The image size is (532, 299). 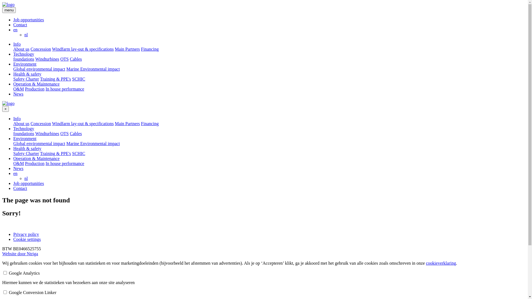 I want to click on 'cookieverklaring', so click(x=440, y=263).